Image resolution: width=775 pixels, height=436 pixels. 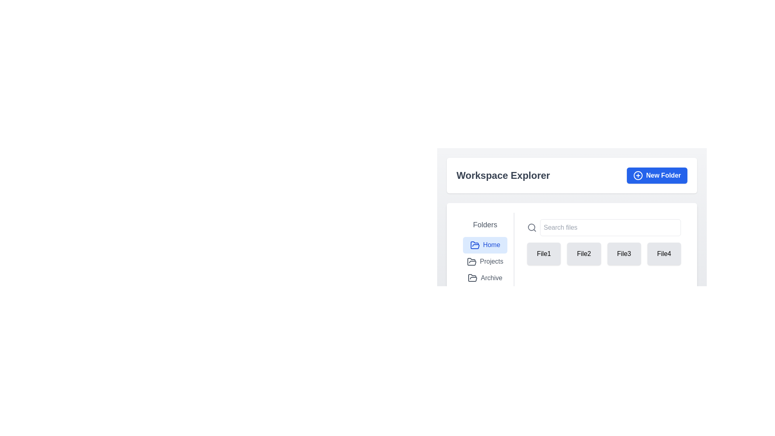 I want to click on the 'Home' button located in the top-left section of the sidebar under the 'Folders' section, so click(x=484, y=244).